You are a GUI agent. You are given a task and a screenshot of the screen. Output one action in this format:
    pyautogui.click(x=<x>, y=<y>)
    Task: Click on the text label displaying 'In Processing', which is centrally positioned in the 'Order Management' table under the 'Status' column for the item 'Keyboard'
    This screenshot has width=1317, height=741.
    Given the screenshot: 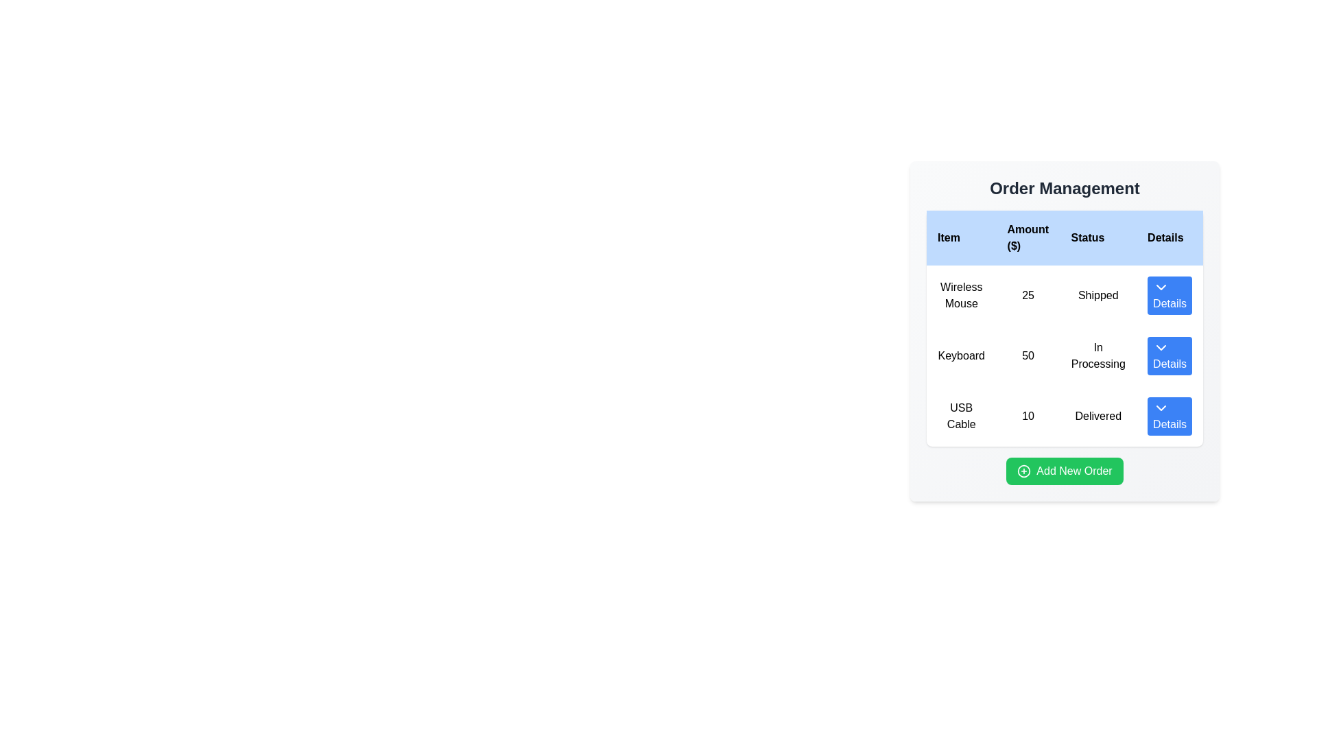 What is the action you would take?
    pyautogui.click(x=1098, y=355)
    